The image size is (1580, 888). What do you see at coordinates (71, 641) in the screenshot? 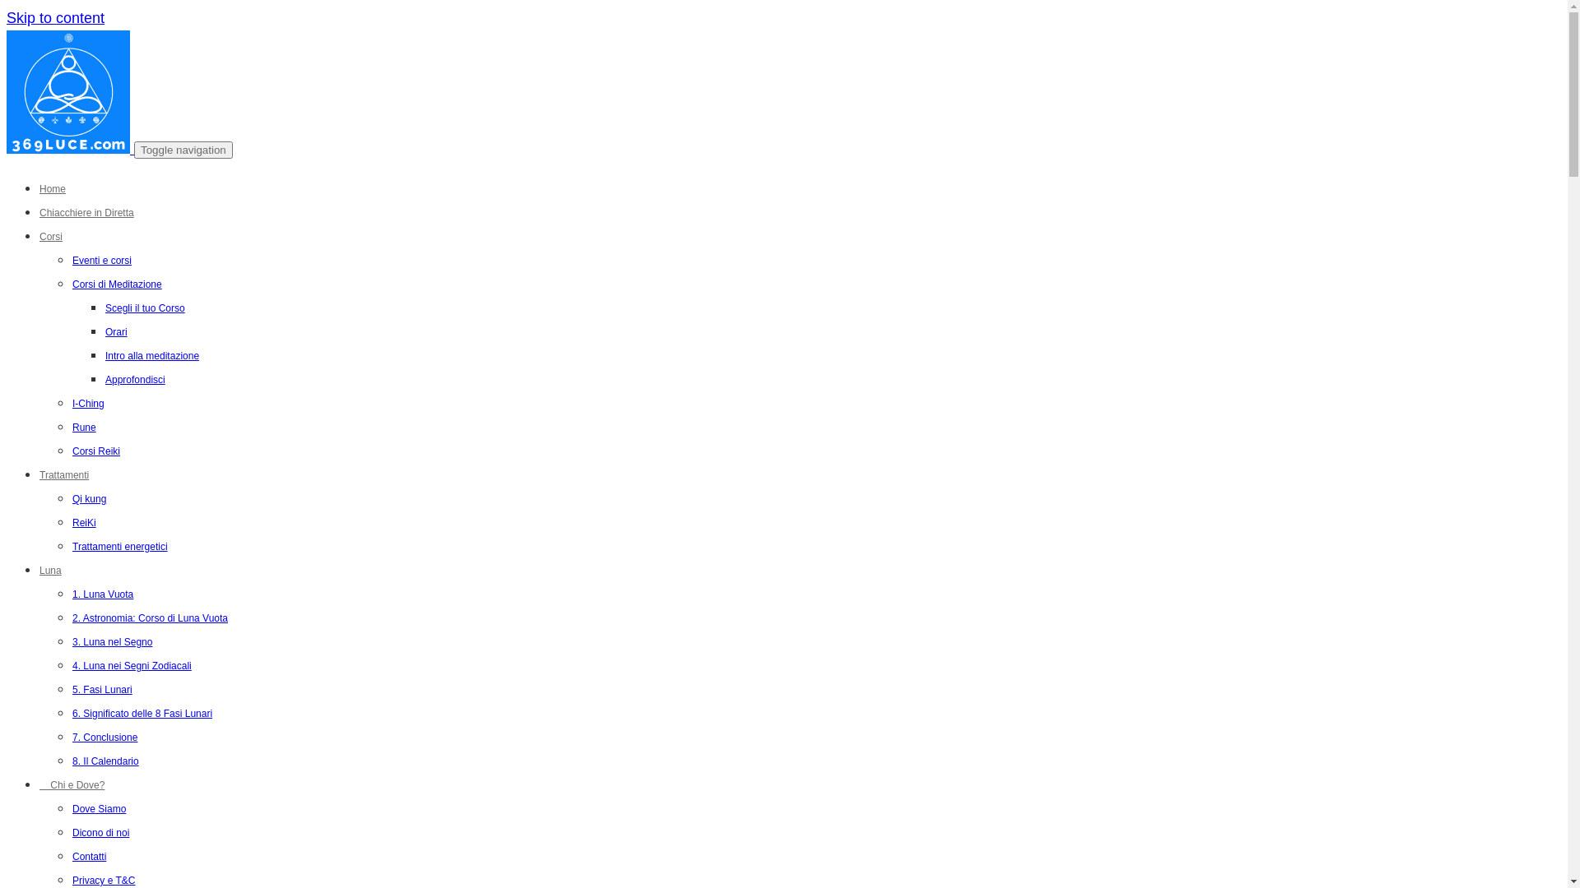
I see `'3. Luna nel Segno'` at bounding box center [71, 641].